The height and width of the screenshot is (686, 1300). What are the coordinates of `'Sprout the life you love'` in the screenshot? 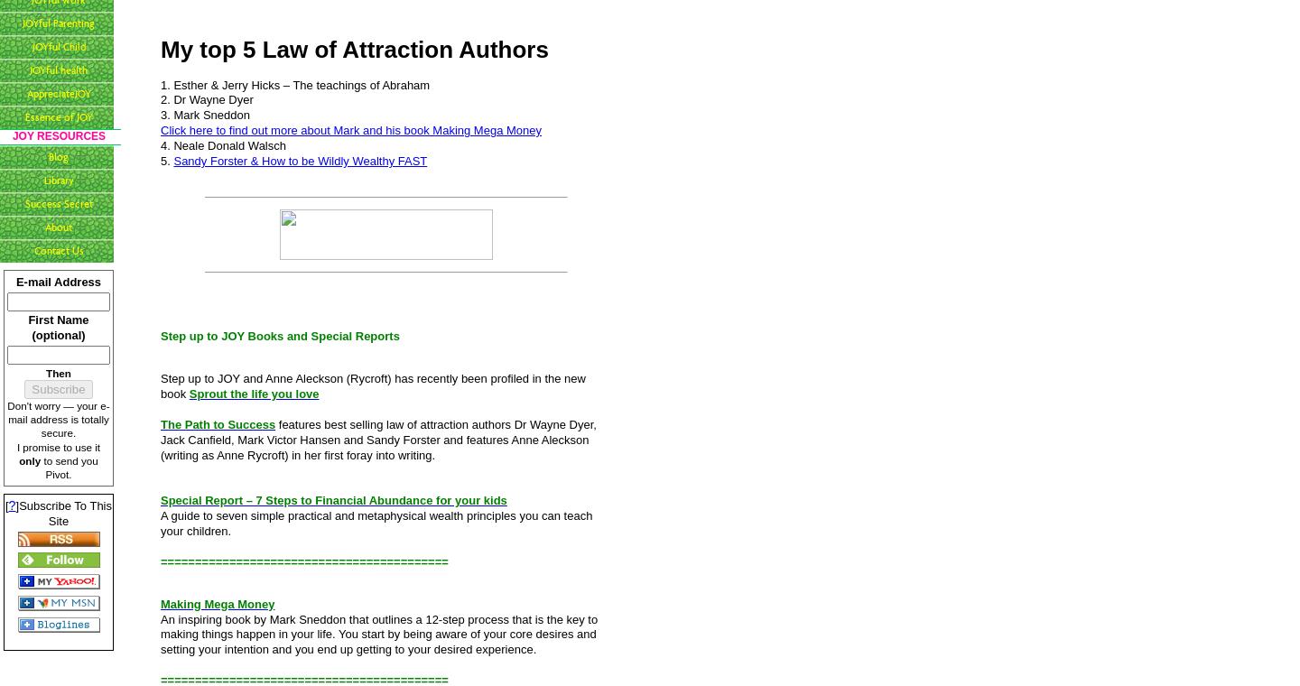 It's located at (252, 393).